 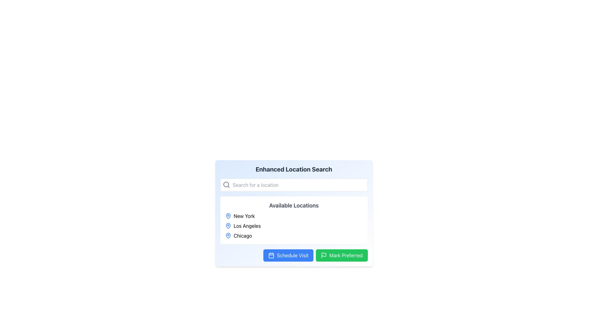 I want to click on the blue 'Schedule Visit' button with a white calendar icon, so click(x=293, y=255).